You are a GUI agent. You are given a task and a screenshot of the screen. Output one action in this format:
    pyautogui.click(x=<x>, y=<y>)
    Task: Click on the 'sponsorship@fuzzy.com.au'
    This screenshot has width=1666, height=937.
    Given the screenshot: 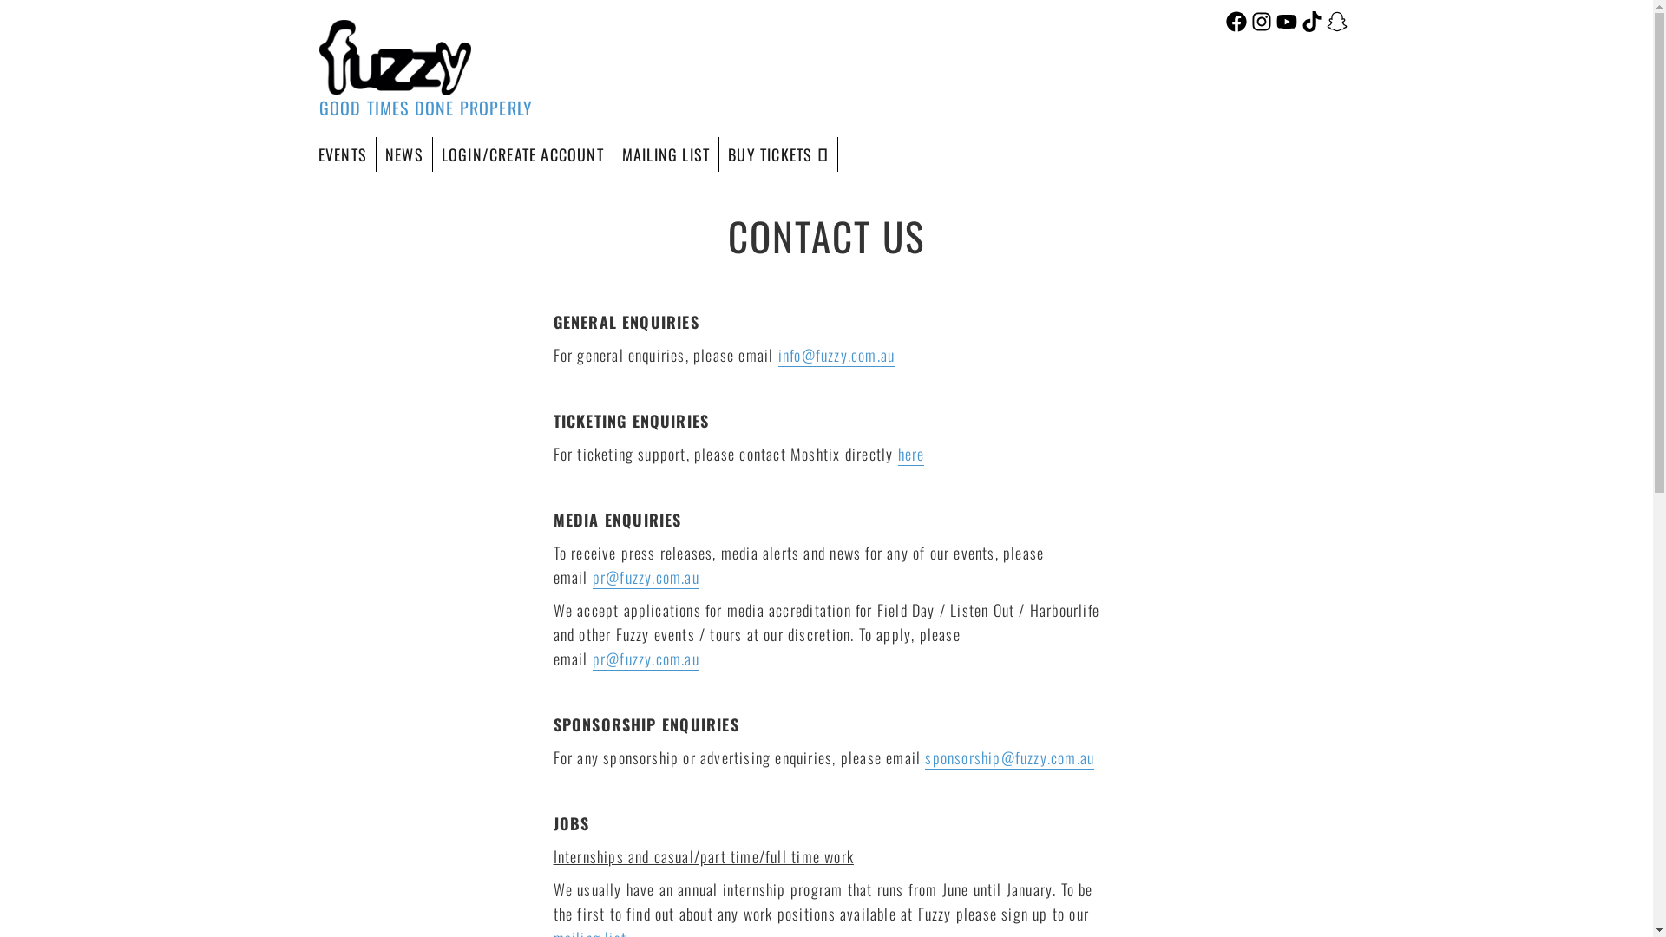 What is the action you would take?
    pyautogui.click(x=1009, y=756)
    